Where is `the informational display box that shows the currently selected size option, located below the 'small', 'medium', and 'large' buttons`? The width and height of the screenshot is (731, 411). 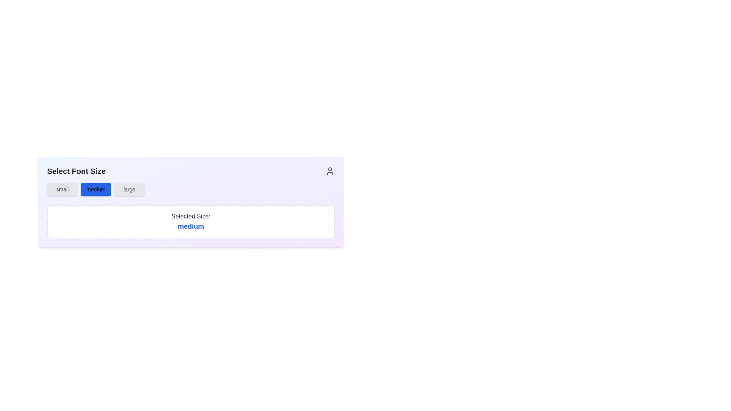
the informational display box that shows the currently selected size option, located below the 'small', 'medium', and 'large' buttons is located at coordinates (191, 221).